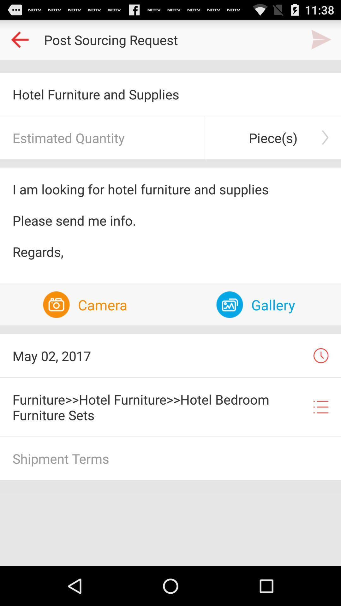  Describe the element at coordinates (170, 458) in the screenshot. I see `shipment terms` at that location.